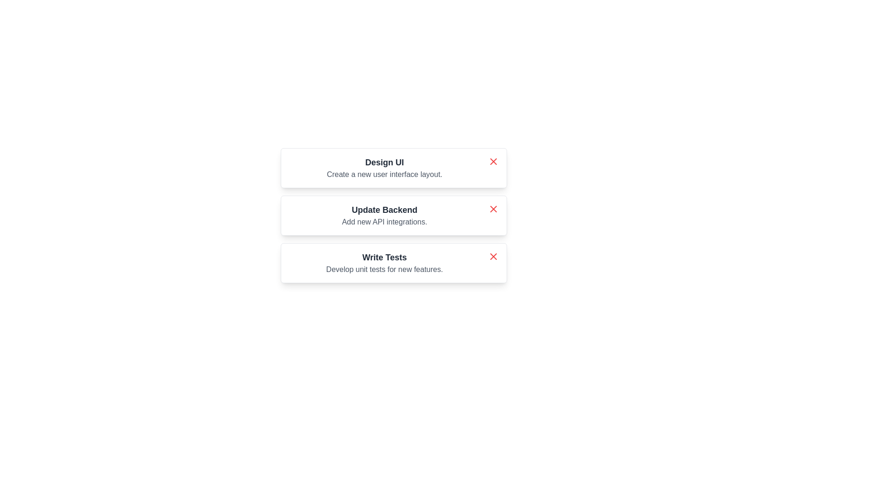  I want to click on the static text displaying 'Develop unit tests for new features.' located within the 'Write Tests' card as the descriptive subtext, so click(384, 269).